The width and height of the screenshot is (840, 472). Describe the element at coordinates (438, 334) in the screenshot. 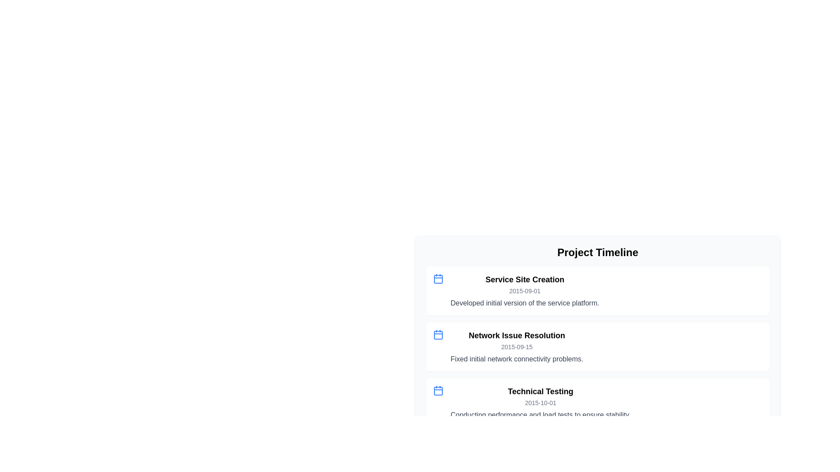

I see `the small blue calendar icon located at the top left of the 'Network Issue Resolution' card` at that location.